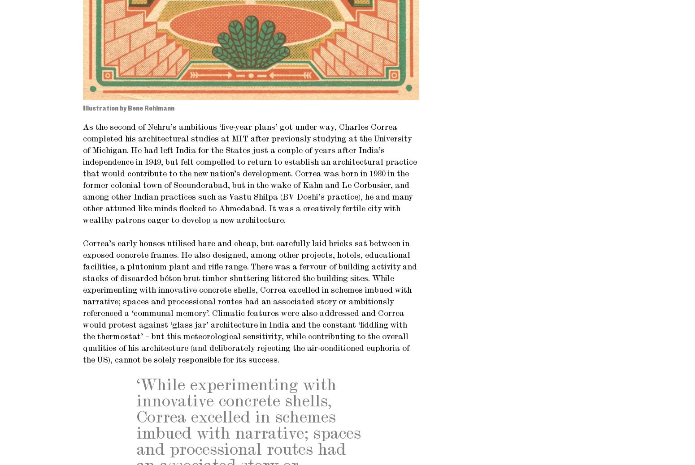 This screenshot has height=465, width=695. I want to click on 'FAQ', so click(491, 57).